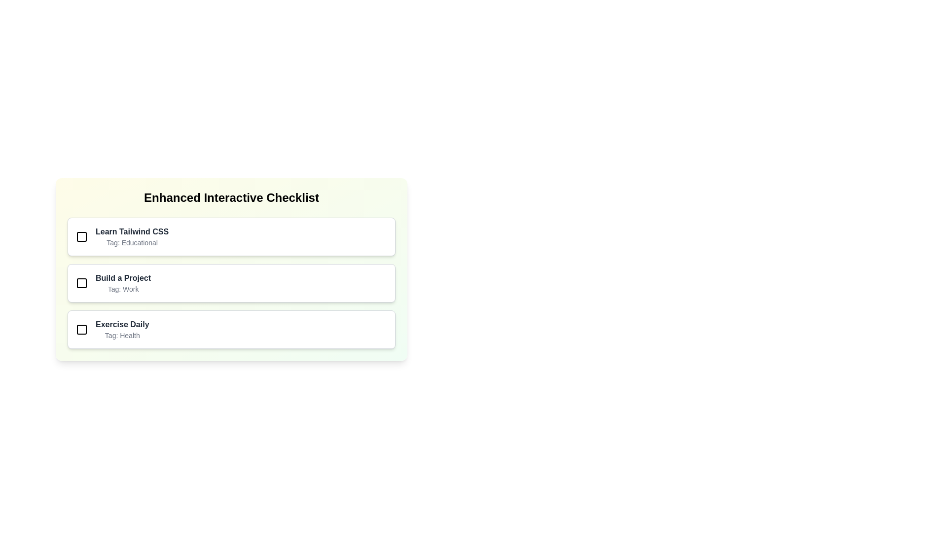 The height and width of the screenshot is (533, 947). I want to click on the textual display area that shows 'Build a Project' and 'Tag: Work', located centrally in the second entry of a vertically stacked list, below 'Learn Tailwind CSS' and above 'Exercise Daily', so click(122, 283).